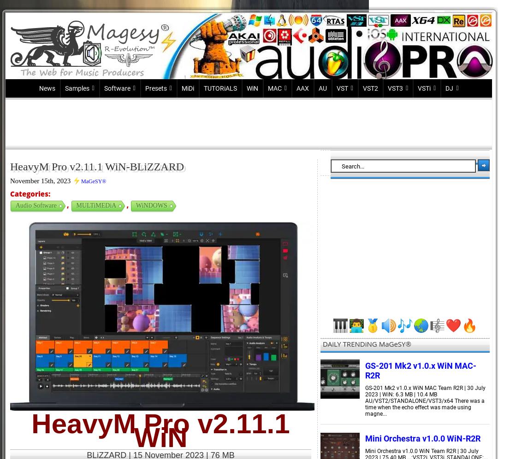  What do you see at coordinates (151, 250) in the screenshot?
I see `'FM8'` at bounding box center [151, 250].